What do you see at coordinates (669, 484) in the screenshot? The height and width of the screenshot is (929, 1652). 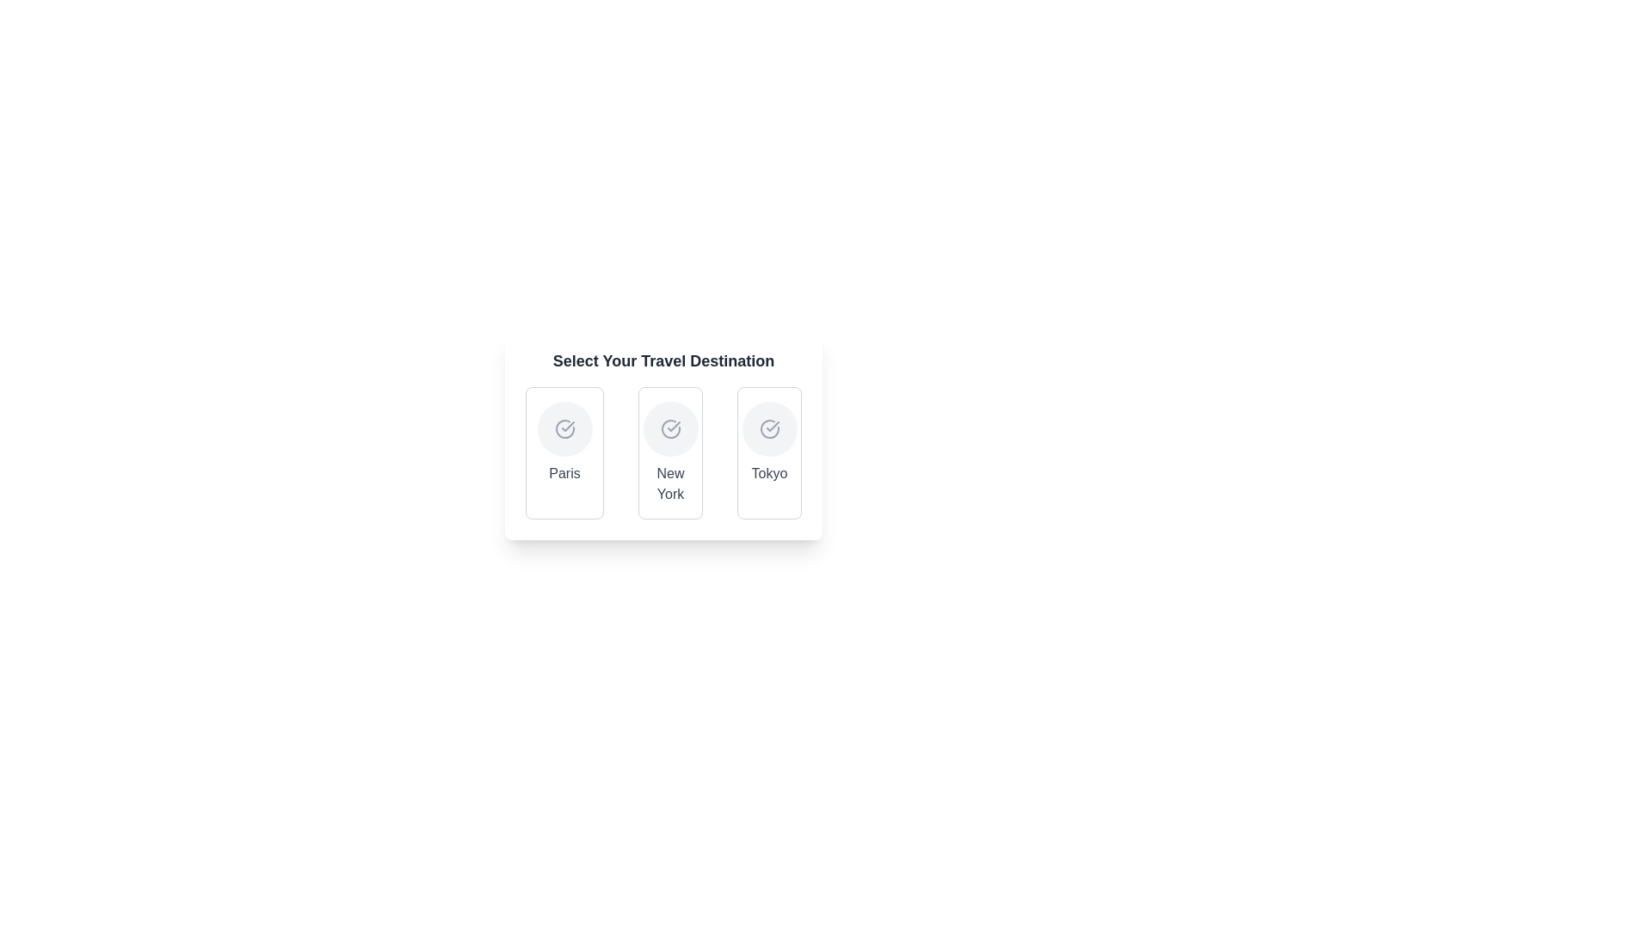 I see `the 'New York' text label element` at bounding box center [669, 484].